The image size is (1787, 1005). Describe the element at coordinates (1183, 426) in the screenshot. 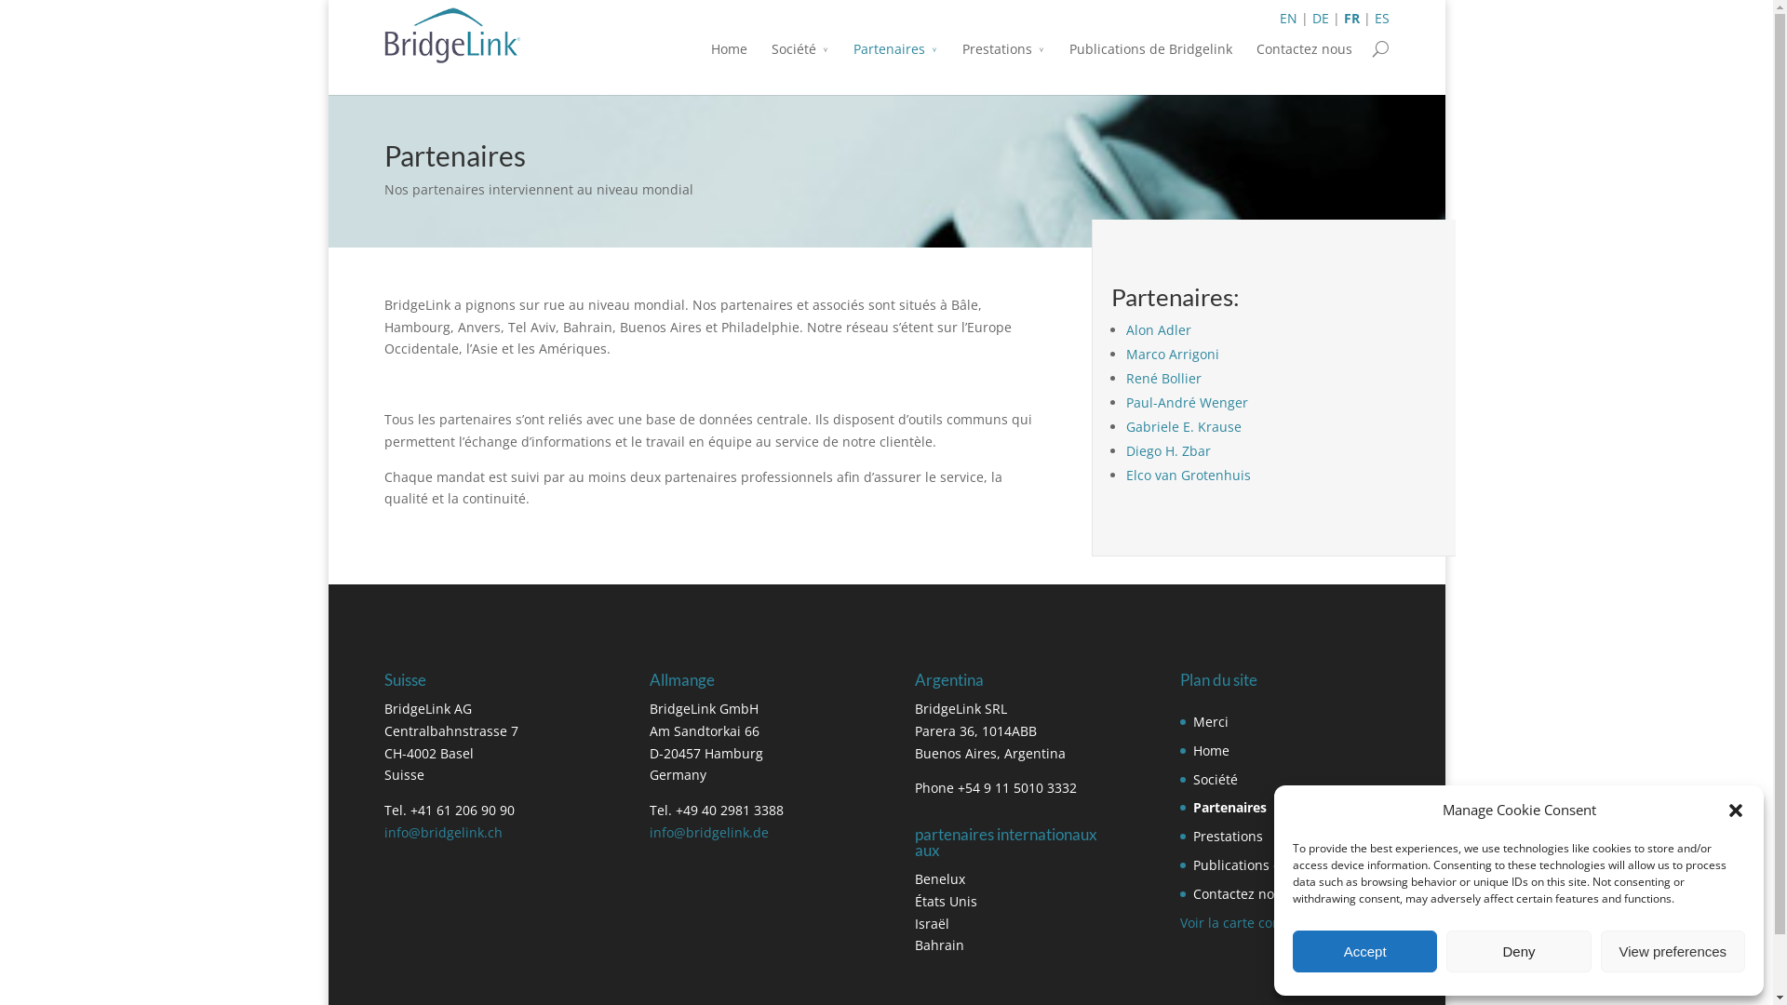

I see `'Gabriele E. Krause'` at that location.